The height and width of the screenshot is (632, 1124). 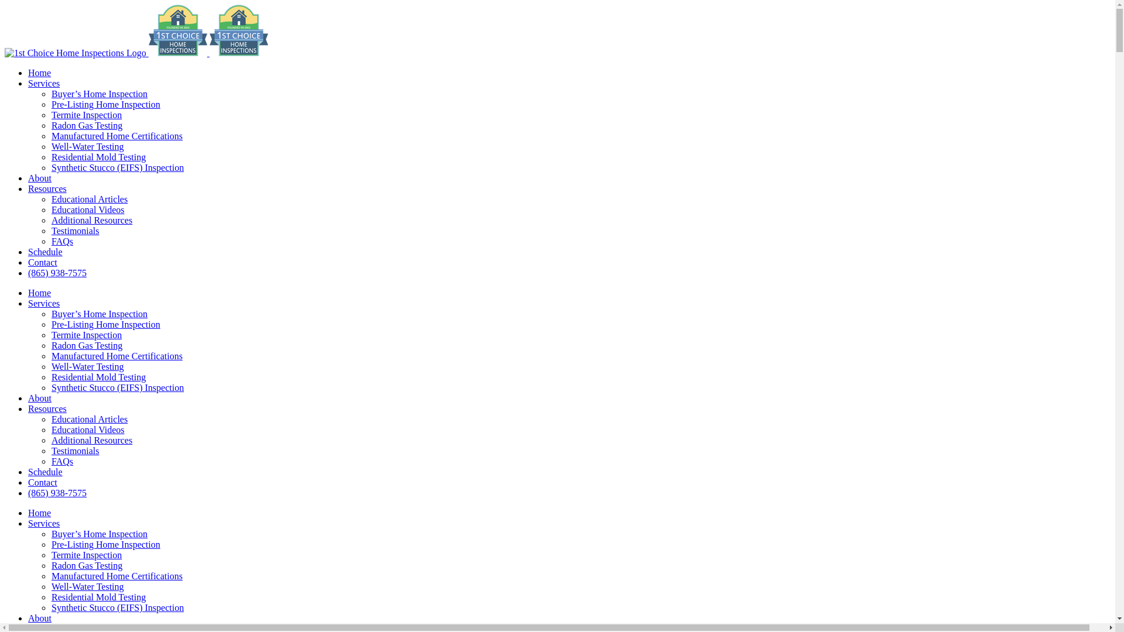 I want to click on 'Termite Inspection', so click(x=86, y=115).